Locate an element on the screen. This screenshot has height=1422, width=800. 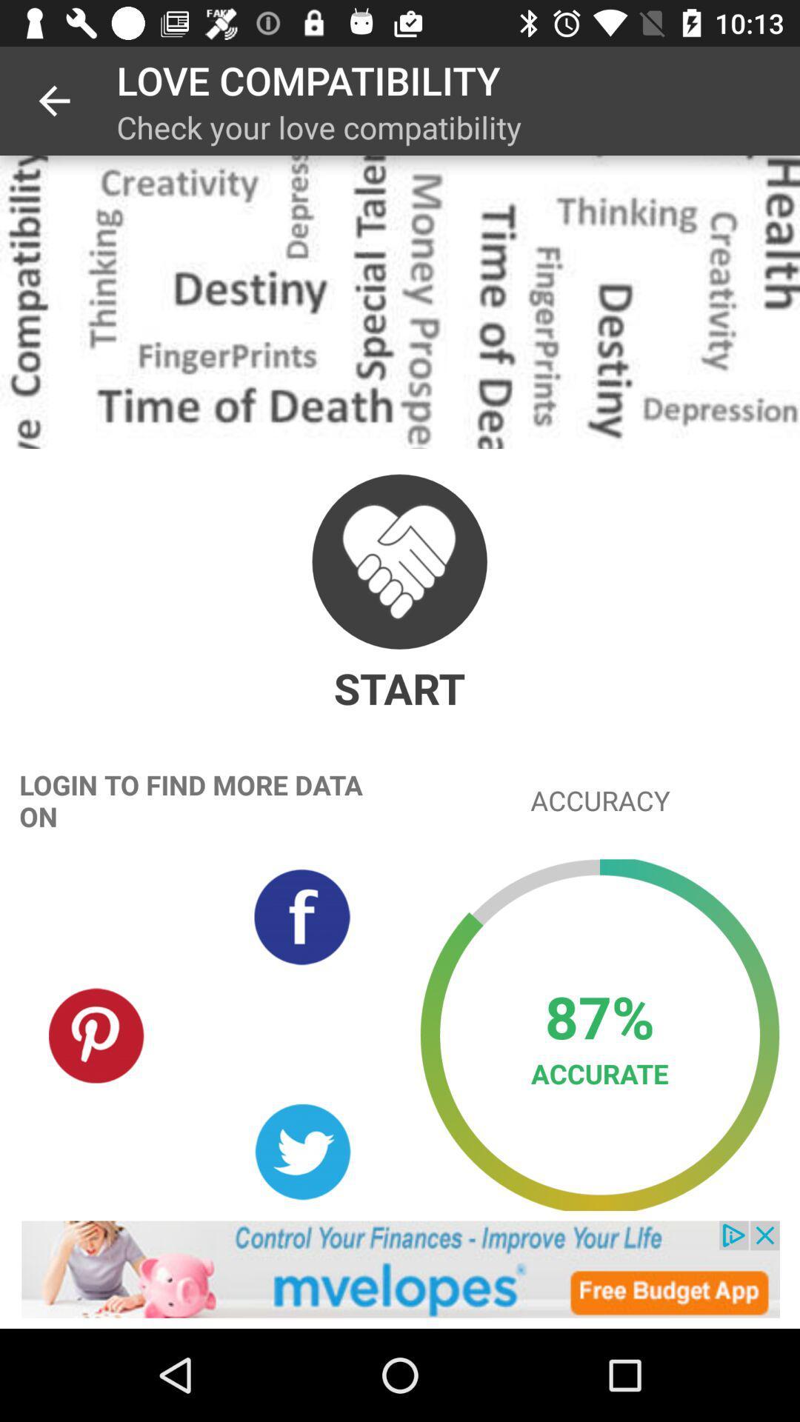
pinterest login is located at coordinates (97, 1034).